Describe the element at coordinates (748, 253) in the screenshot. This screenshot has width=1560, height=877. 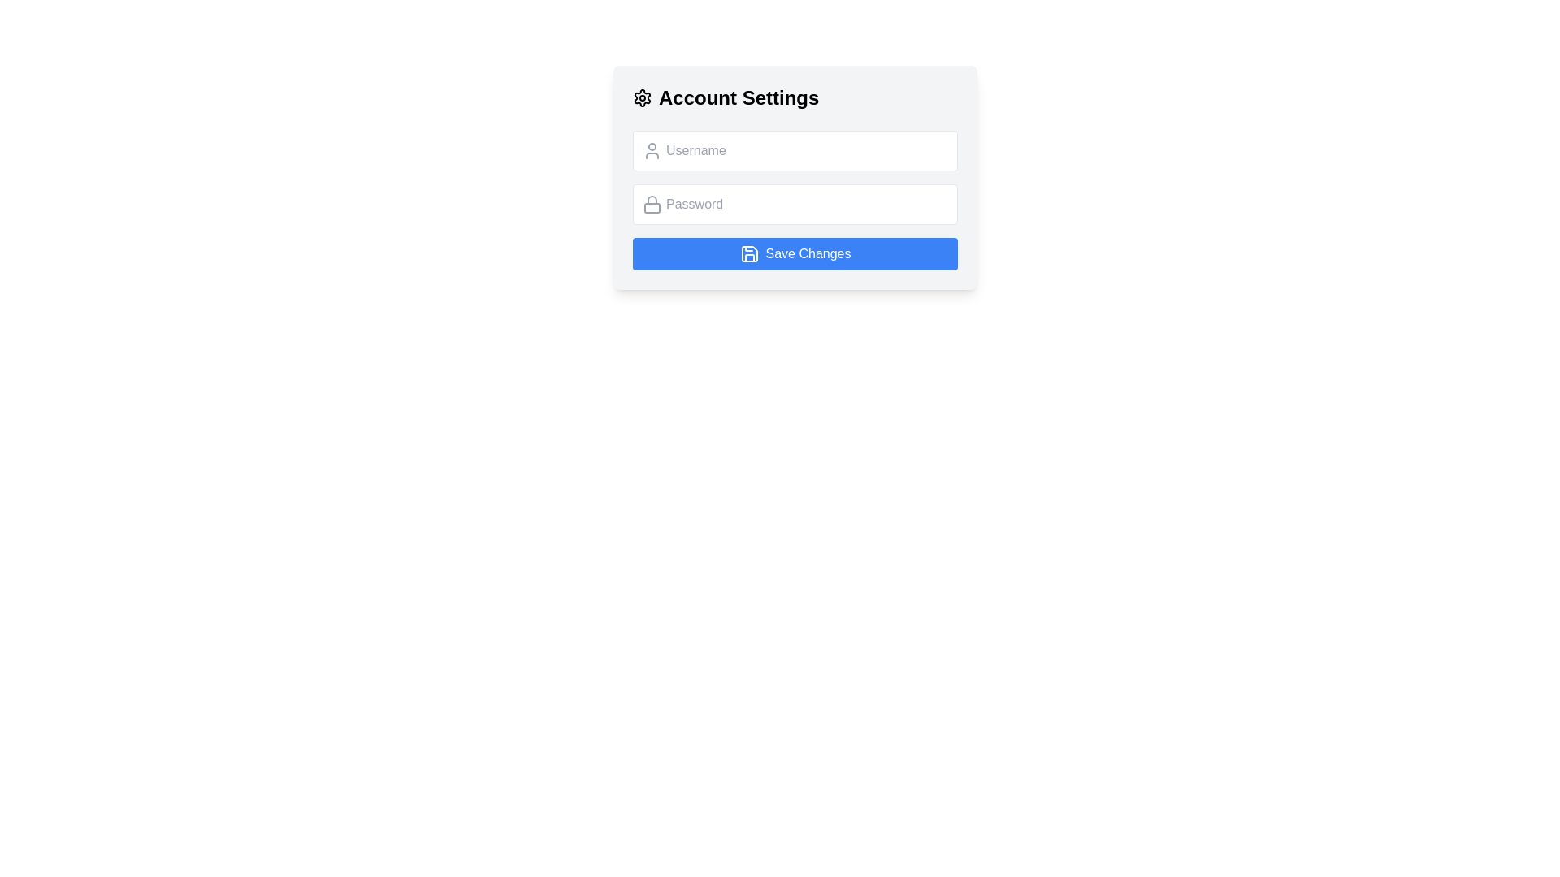
I see `the save action icon located to the left of the 'Save Changes' button, which is aligned at the start of its text` at that location.